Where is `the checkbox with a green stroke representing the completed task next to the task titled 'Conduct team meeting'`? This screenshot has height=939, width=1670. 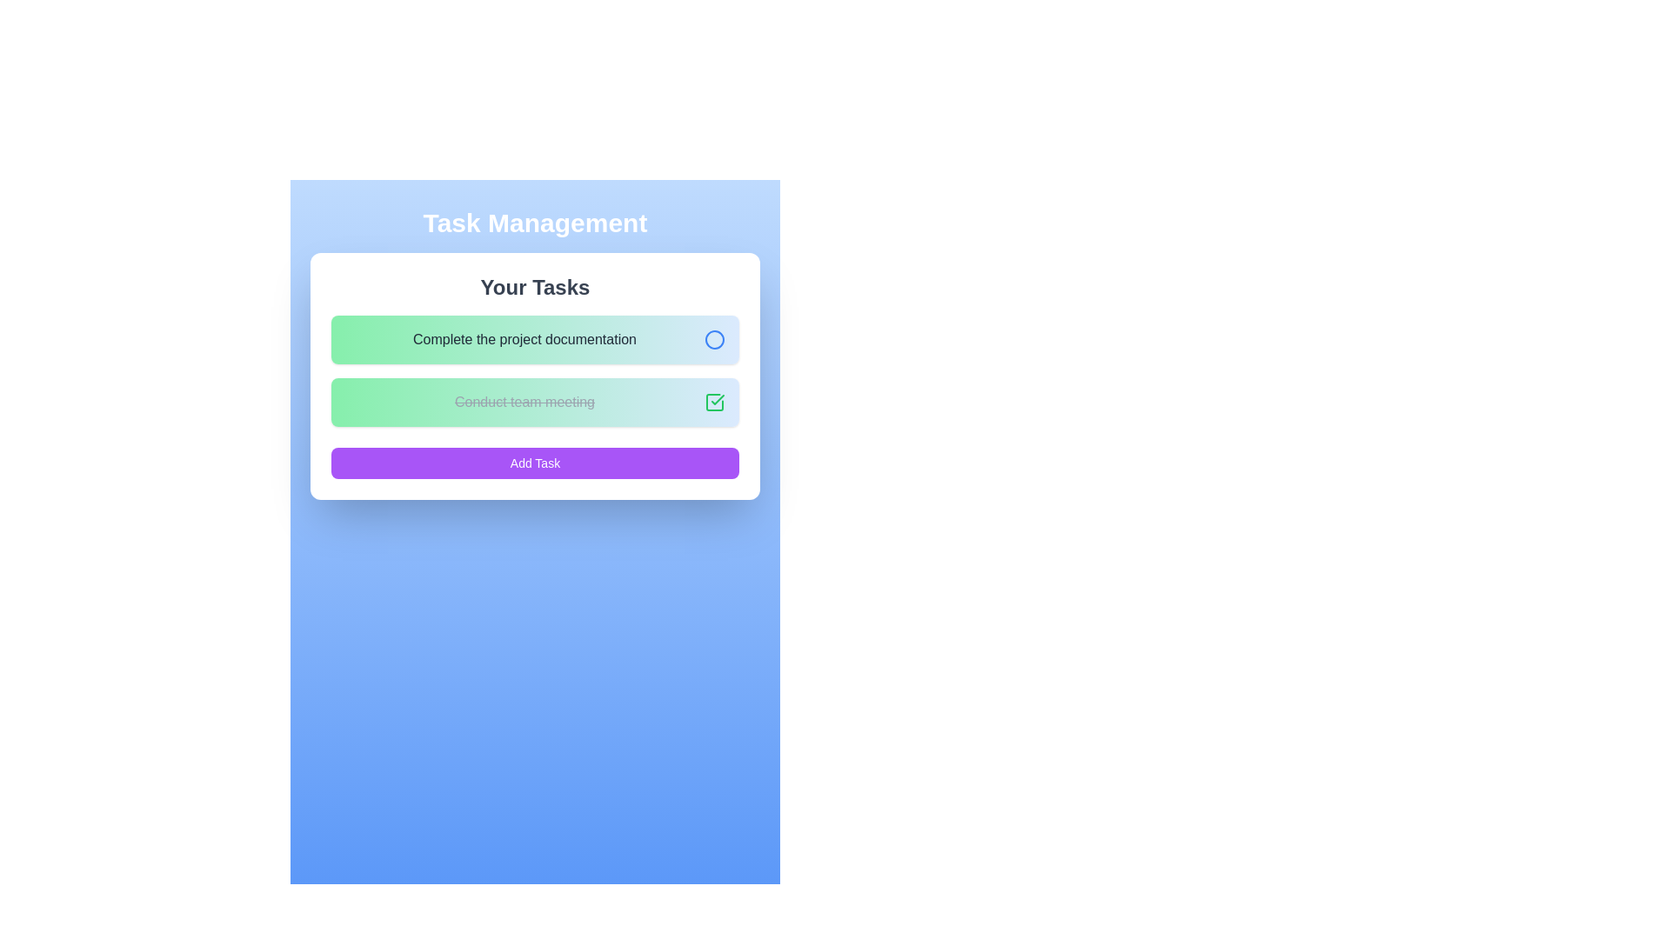 the checkbox with a green stroke representing the completed task next to the task titled 'Conduct team meeting' is located at coordinates (714, 402).